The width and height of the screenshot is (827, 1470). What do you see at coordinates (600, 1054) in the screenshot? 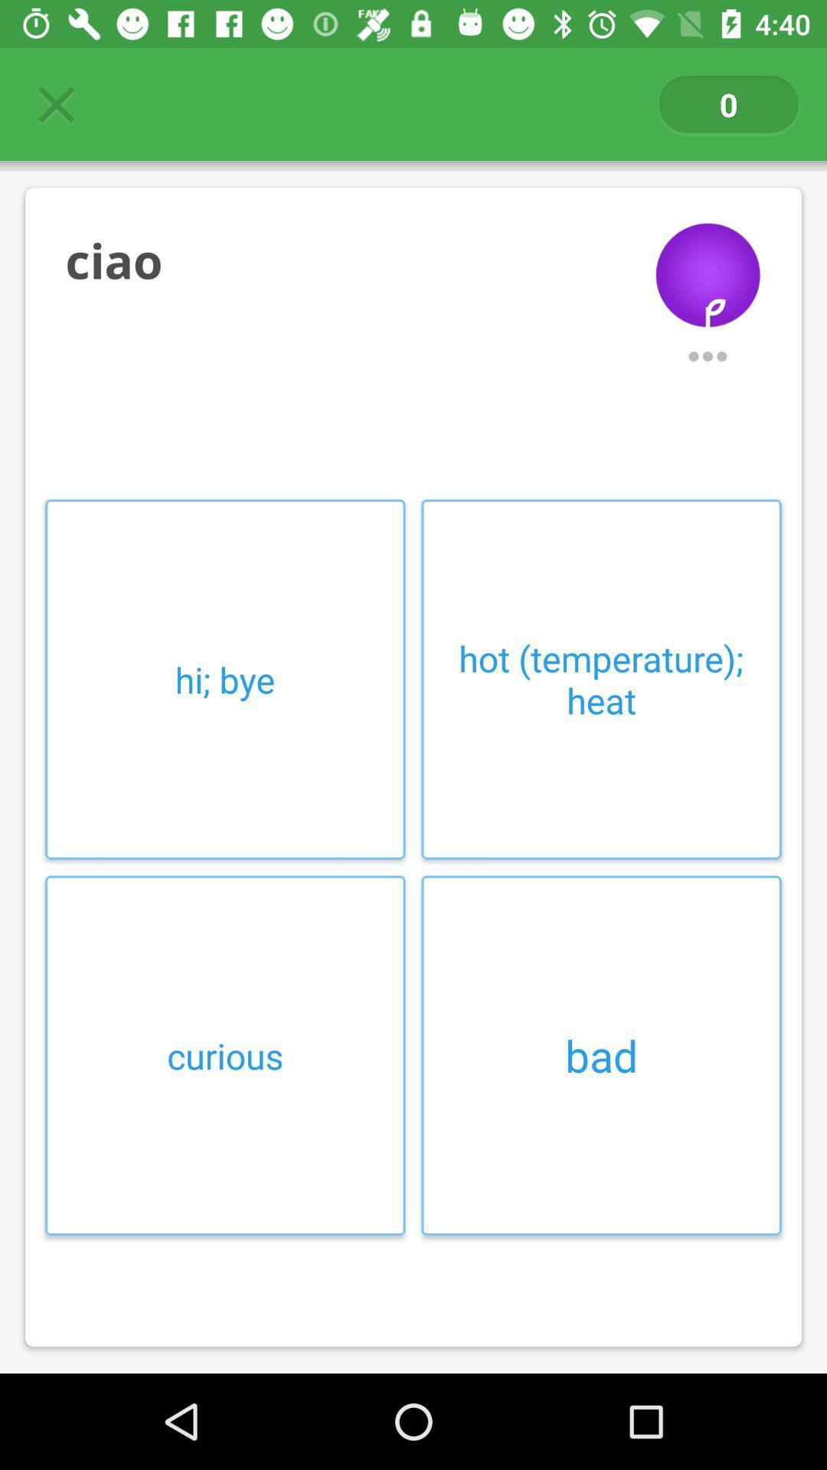
I see `item next to curious icon` at bounding box center [600, 1054].